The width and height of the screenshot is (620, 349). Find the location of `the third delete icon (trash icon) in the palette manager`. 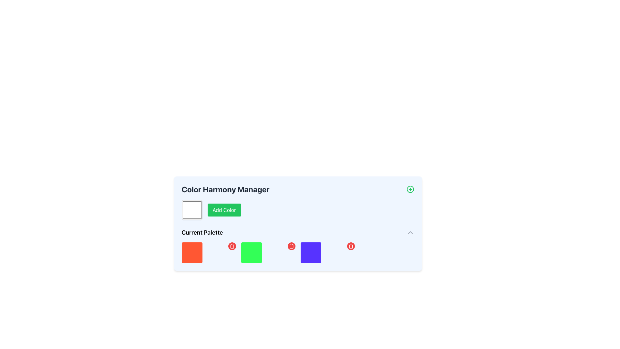

the third delete icon (trash icon) in the palette manager is located at coordinates (291, 246).